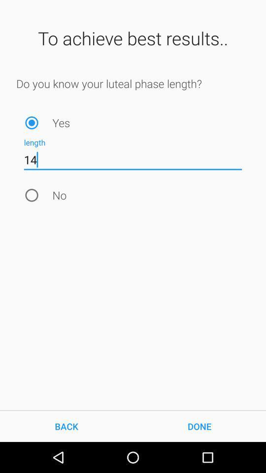  Describe the element at coordinates (199, 426) in the screenshot. I see `the item to the right of back icon` at that location.